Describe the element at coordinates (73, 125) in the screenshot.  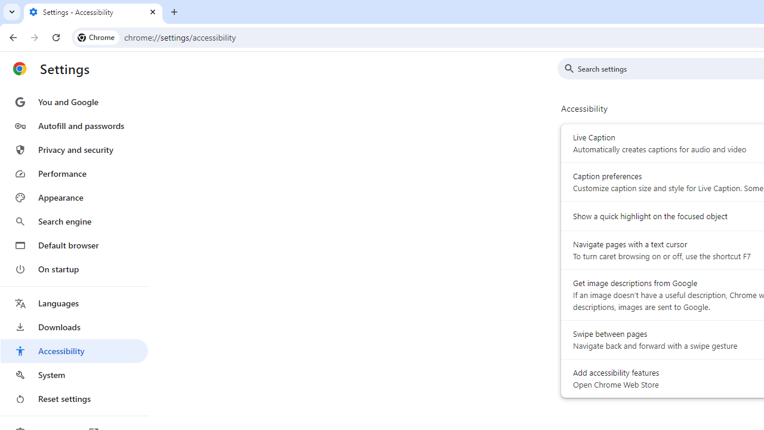
I see `'Autofill and passwords'` at that location.